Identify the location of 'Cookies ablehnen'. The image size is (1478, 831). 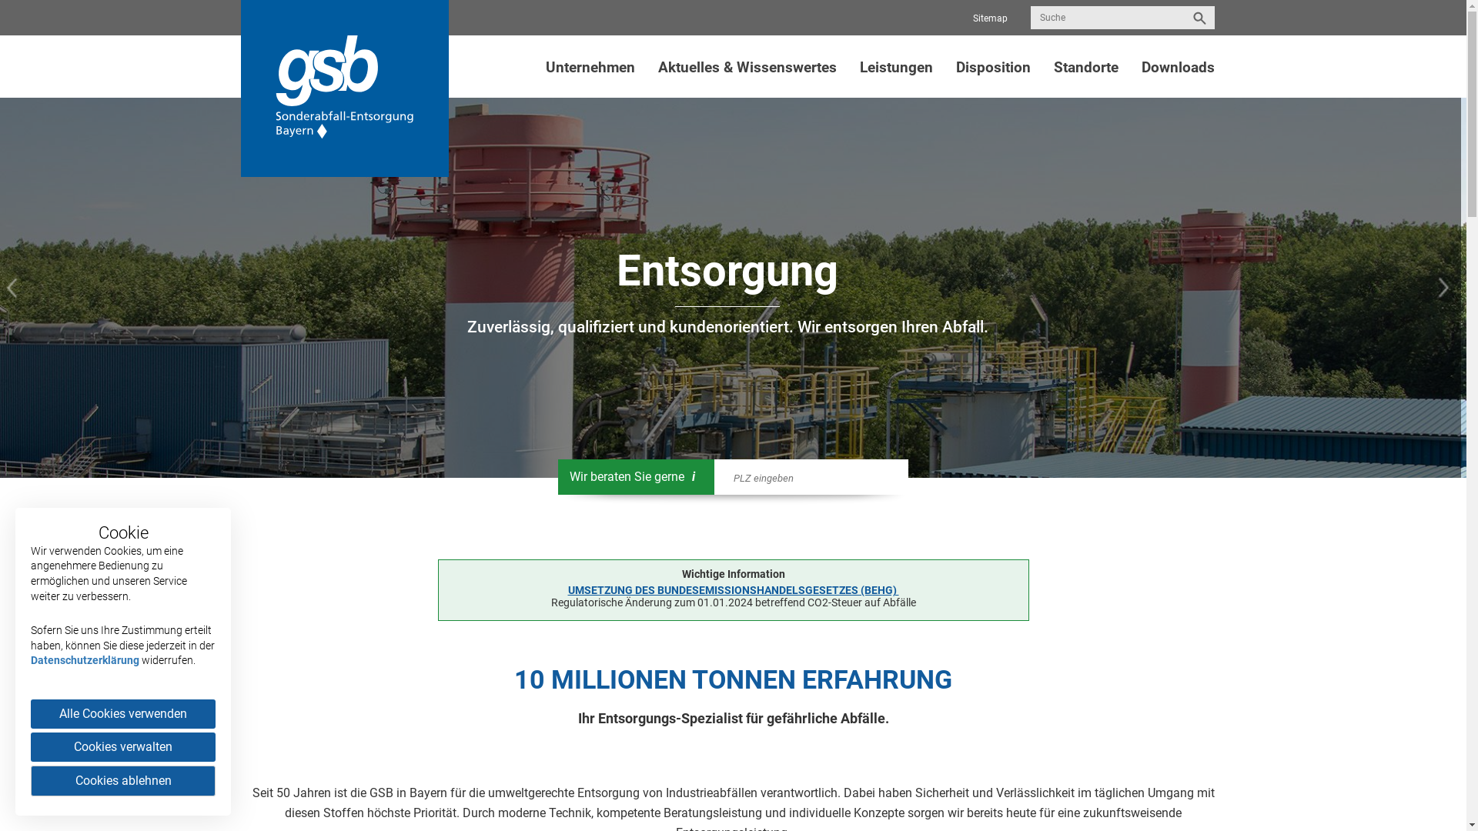
(122, 780).